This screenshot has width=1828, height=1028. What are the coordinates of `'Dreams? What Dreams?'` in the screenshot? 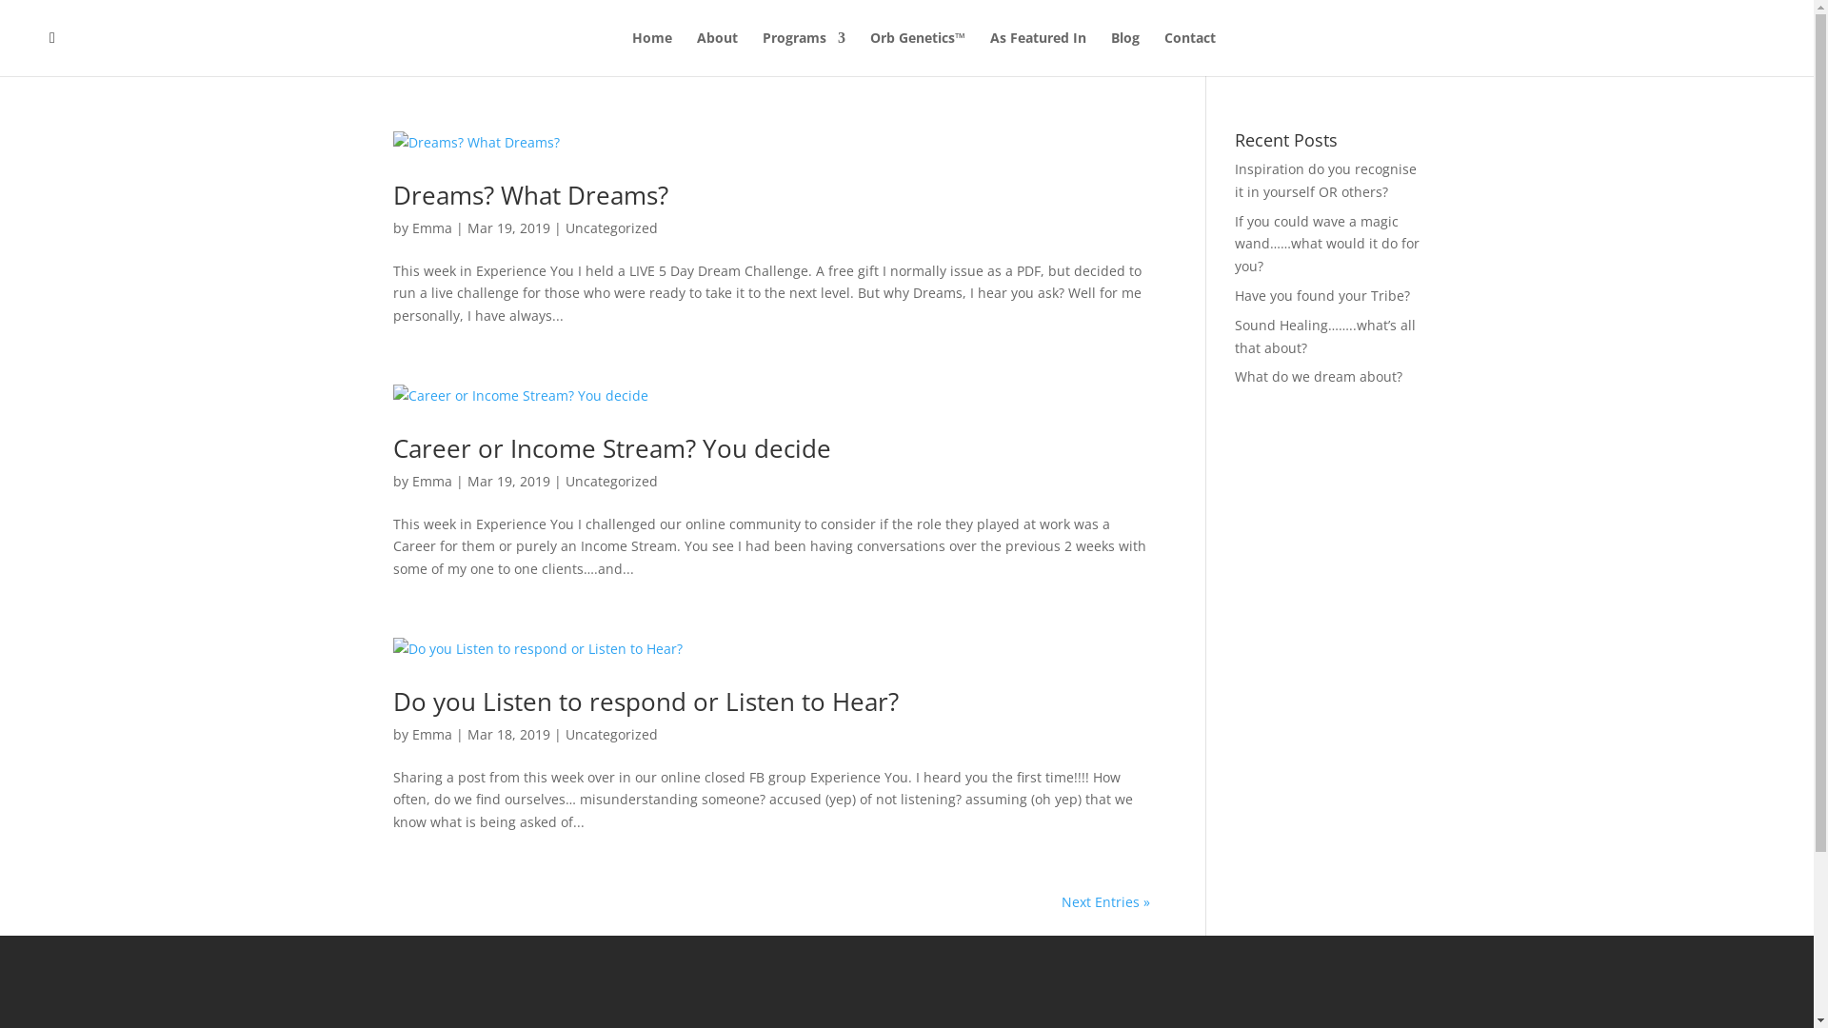 It's located at (529, 194).